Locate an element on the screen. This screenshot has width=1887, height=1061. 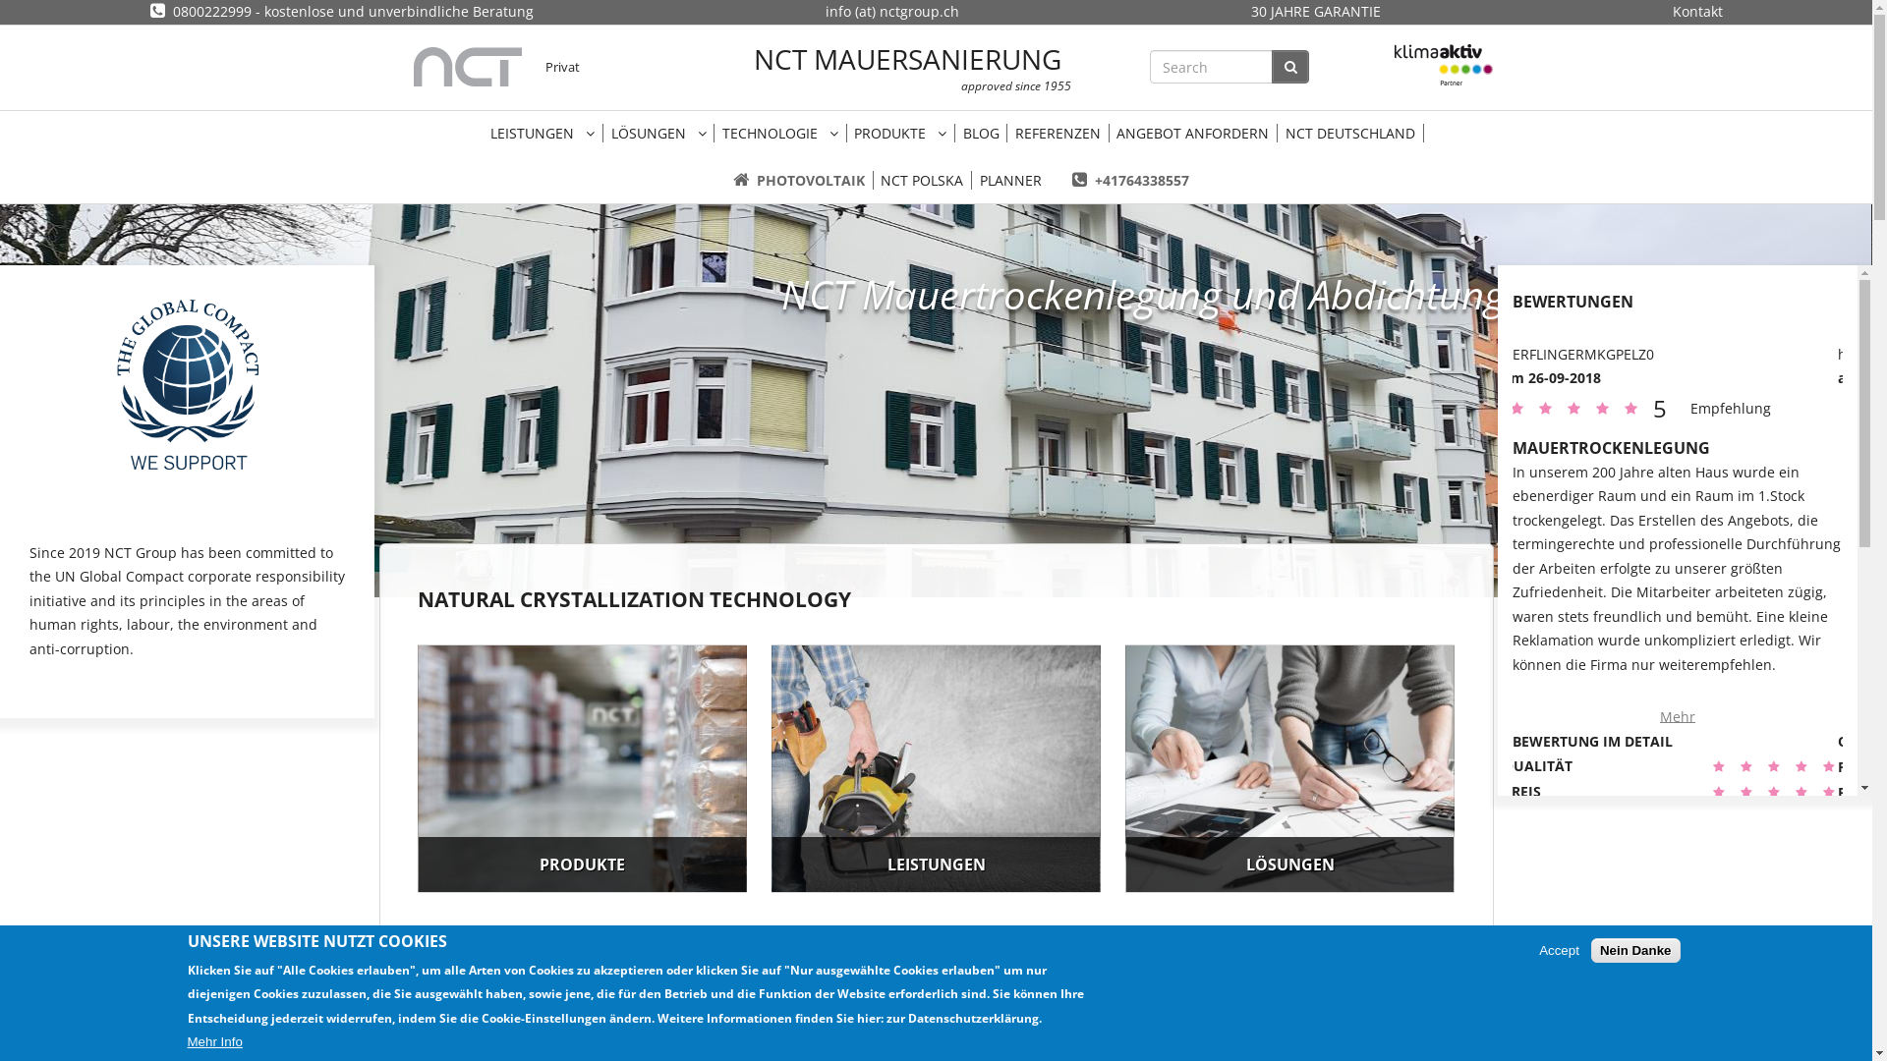
'+41764338557' is located at coordinates (1063, 180).